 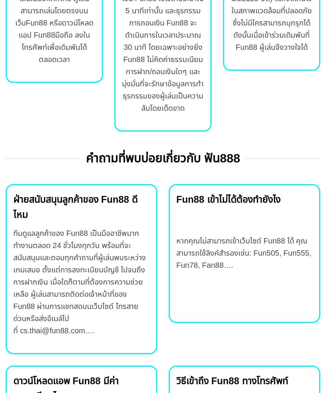 I want to click on '….', so click(x=89, y=330).